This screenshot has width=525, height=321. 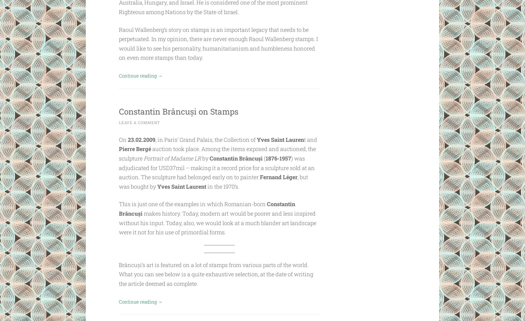 I want to click on 'Fernand Léger', so click(x=279, y=177).